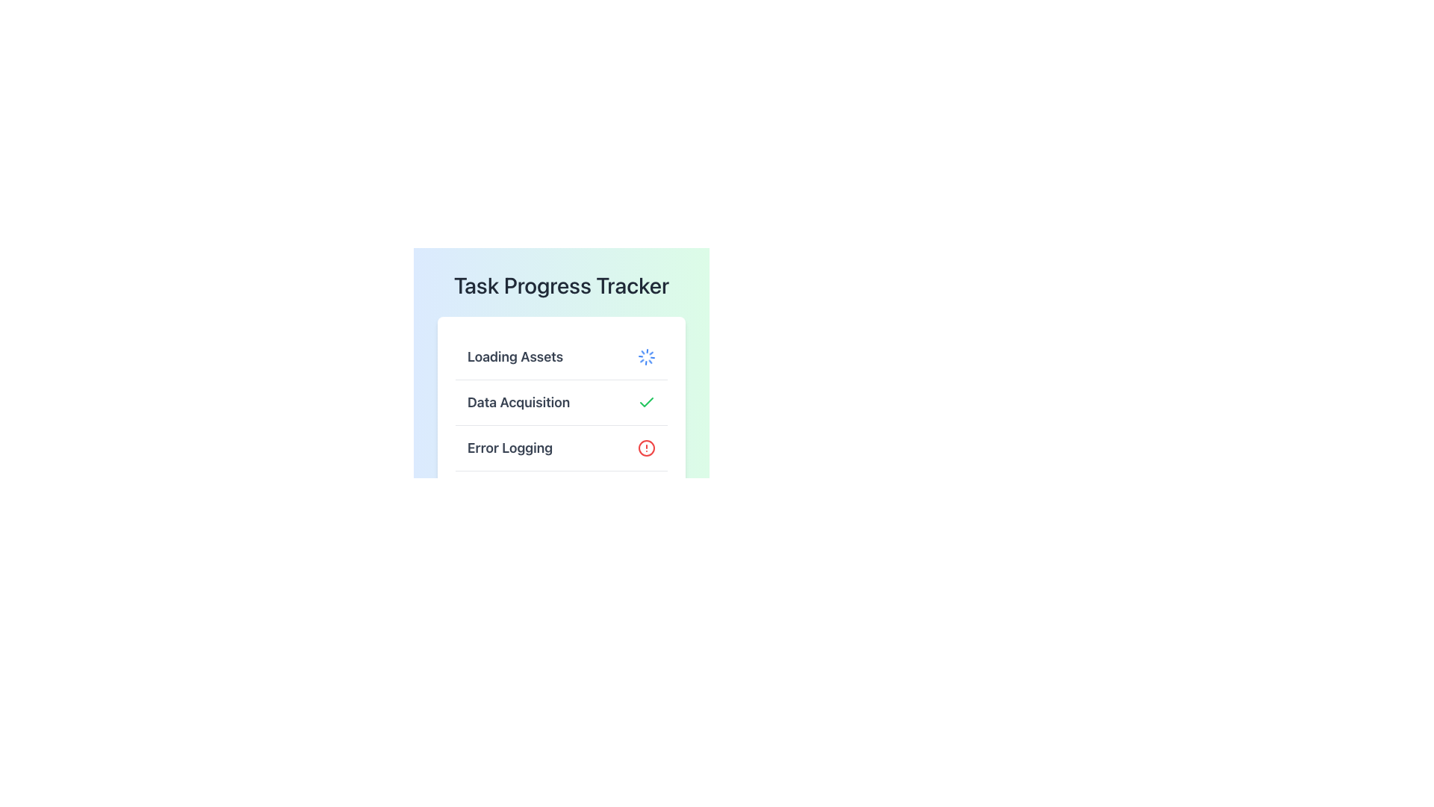  I want to click on the Circular Loading Spinner, which is a blue stroke circular spinner indicating an animated loading state, located to the right of the 'Loading Assets' text in the first row of the task status list, so click(646, 357).